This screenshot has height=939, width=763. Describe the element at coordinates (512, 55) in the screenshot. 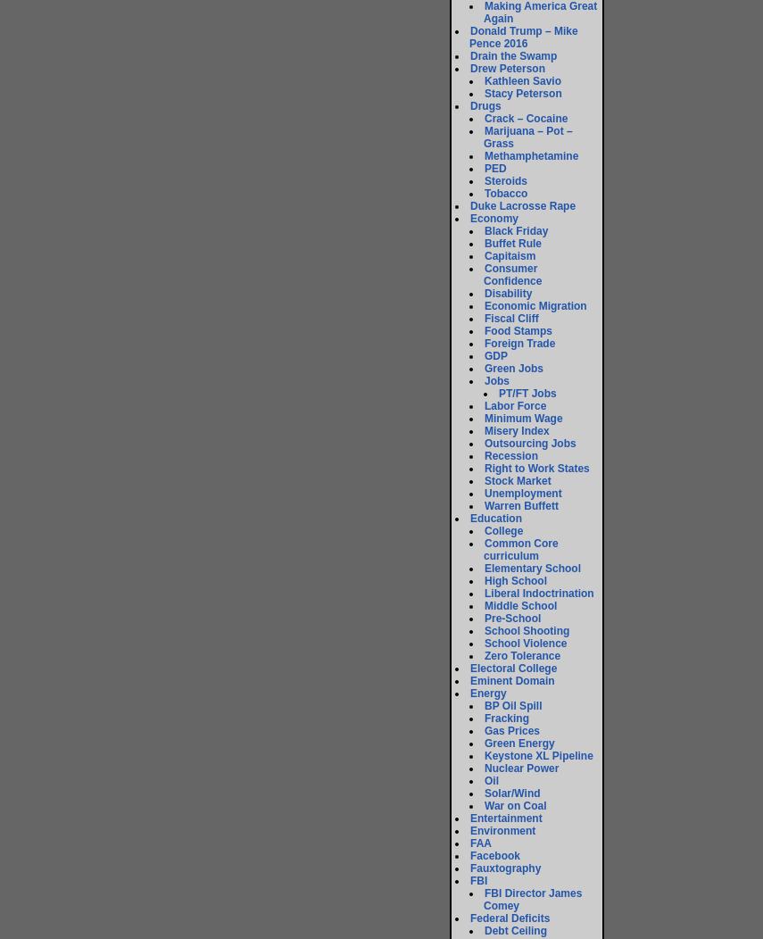

I see `'Drain the Swamp'` at that location.